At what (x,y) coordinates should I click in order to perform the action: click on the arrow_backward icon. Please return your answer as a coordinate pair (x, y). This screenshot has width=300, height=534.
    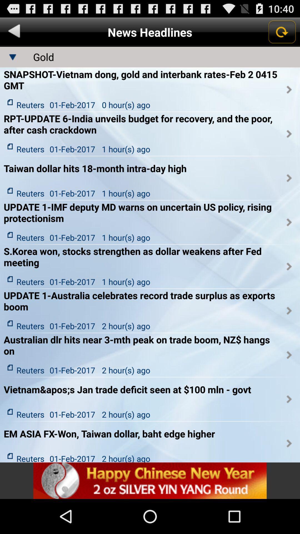
    Looking at the image, I should click on (14, 34).